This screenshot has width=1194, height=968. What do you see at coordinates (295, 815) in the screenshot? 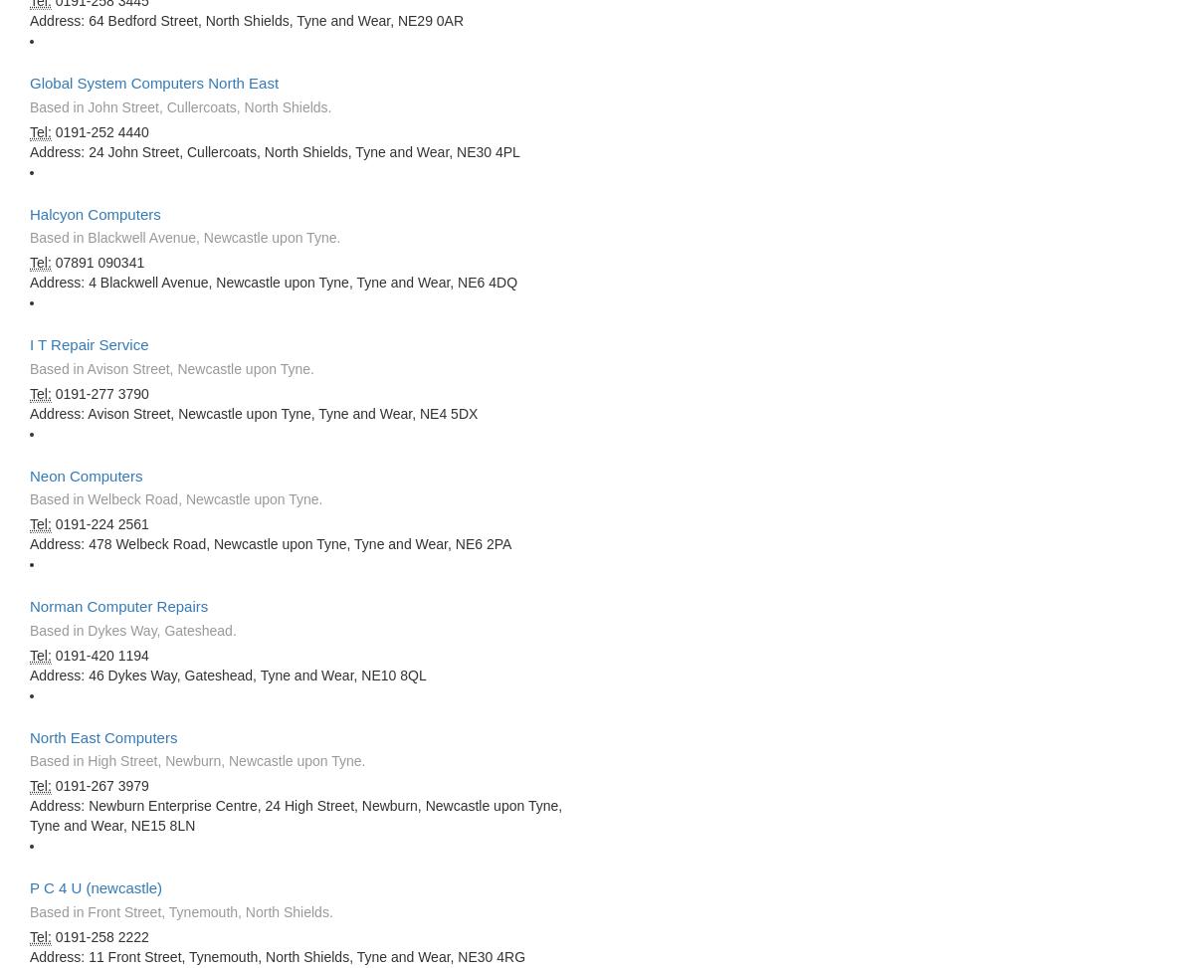
I see `'Address: Newburn Enterprise Centre, 24 High Street, Newburn, Newcastle upon Tyne, Tyne and Wear, NE15 8LN'` at bounding box center [295, 815].